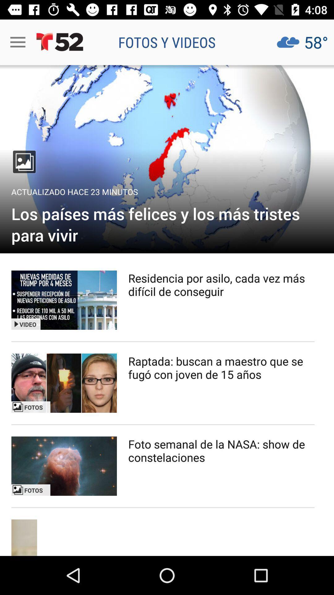  What do you see at coordinates (64, 300) in the screenshot?
I see `video` at bounding box center [64, 300].